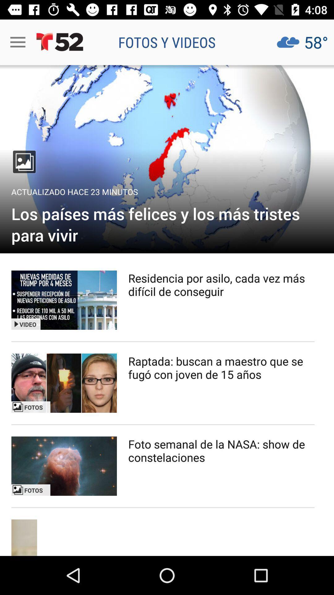  What do you see at coordinates (64, 300) in the screenshot?
I see `video` at bounding box center [64, 300].